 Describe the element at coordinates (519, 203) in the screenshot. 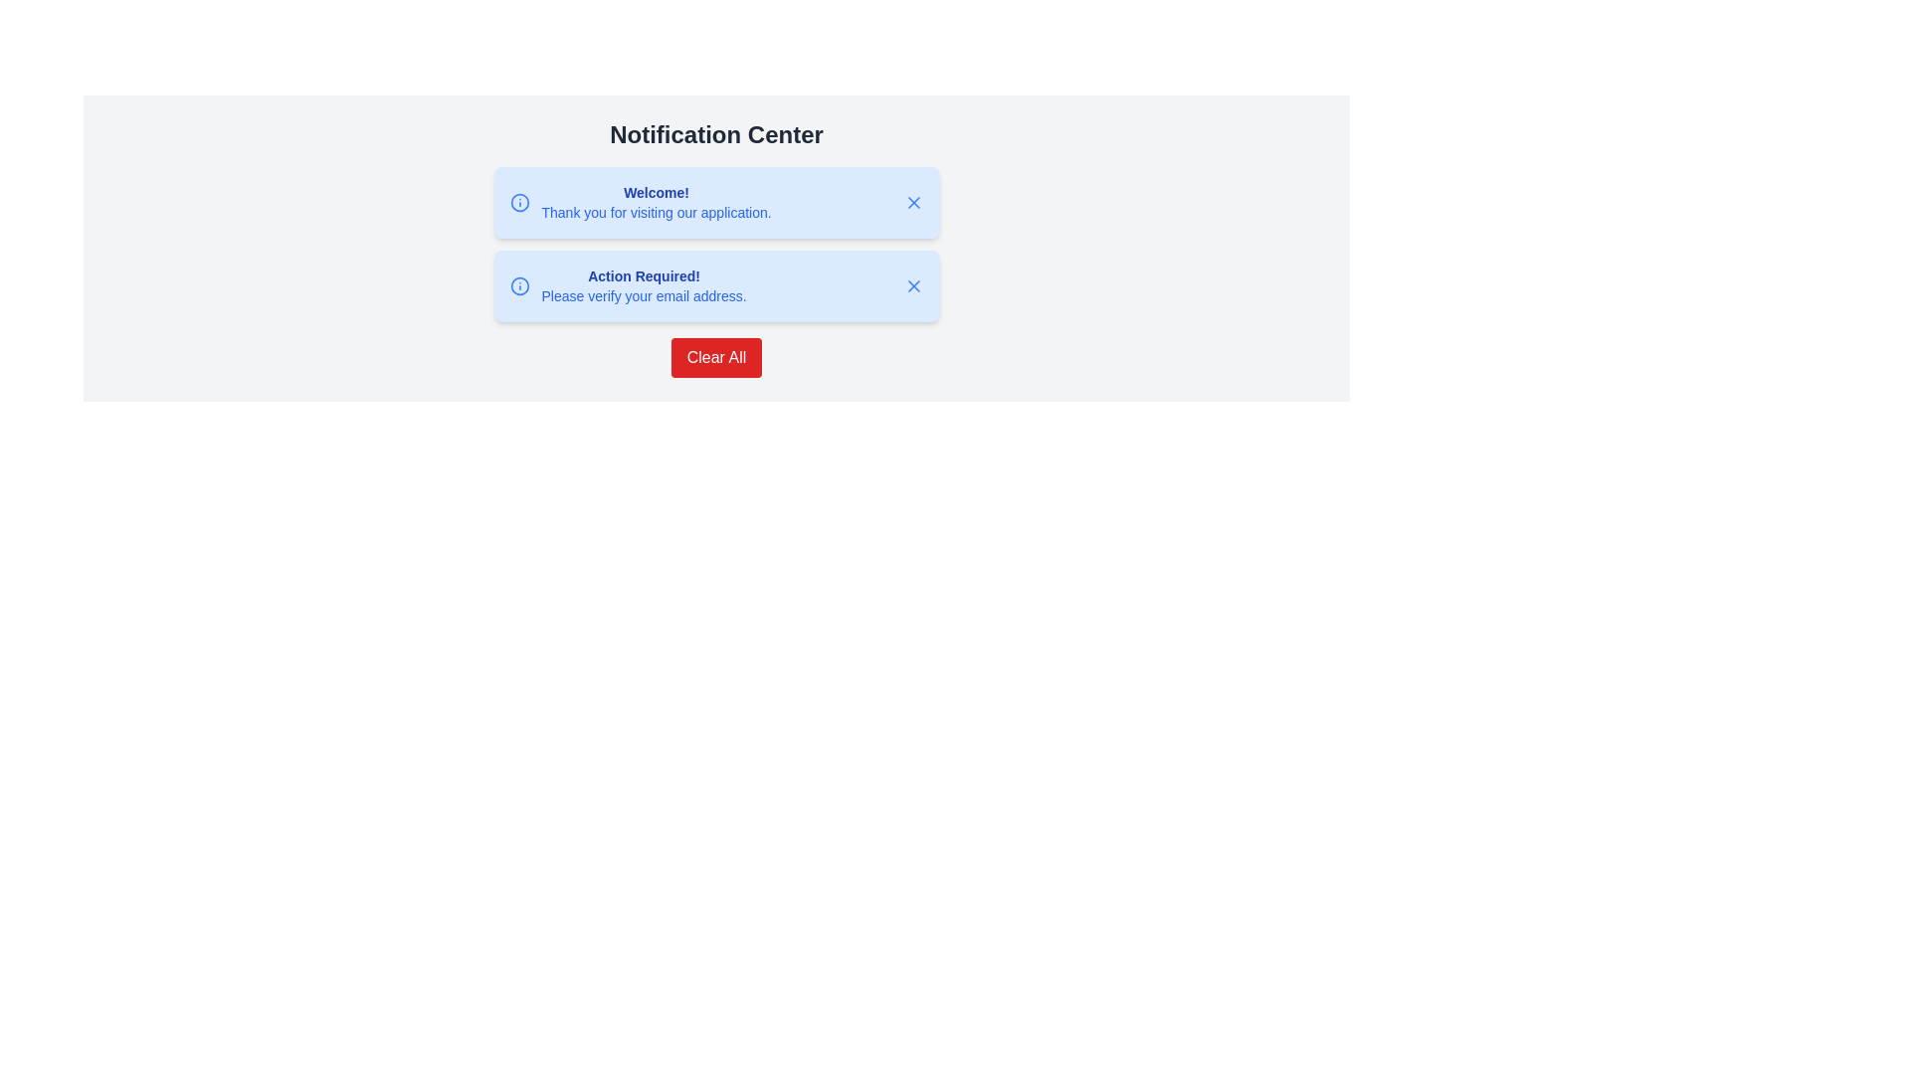

I see `the blue circular icon located to the left of the text 'Welcome! Thank you for visiting our application.' in the notification card` at that location.